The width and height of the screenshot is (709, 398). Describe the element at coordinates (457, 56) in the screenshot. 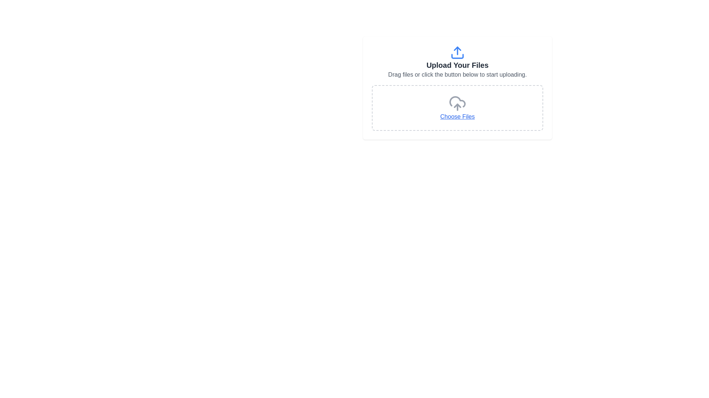

I see `the decorative horizontal line that forms part of the upload icon located at the top center of the file upload interface` at that location.